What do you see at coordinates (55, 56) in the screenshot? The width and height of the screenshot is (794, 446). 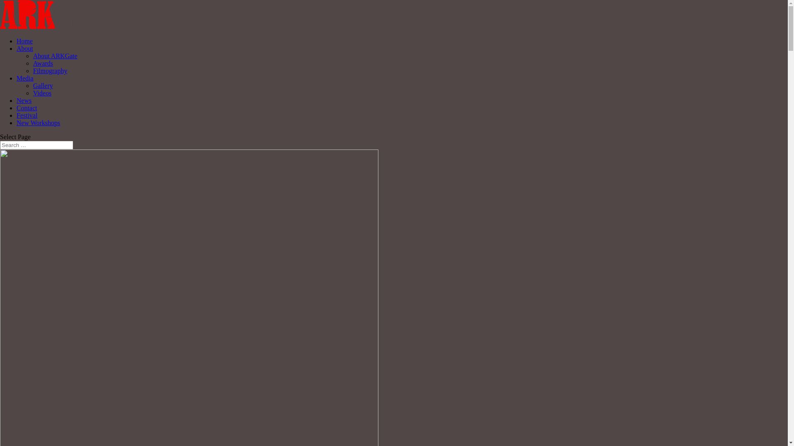 I see `'About ARKGate'` at bounding box center [55, 56].